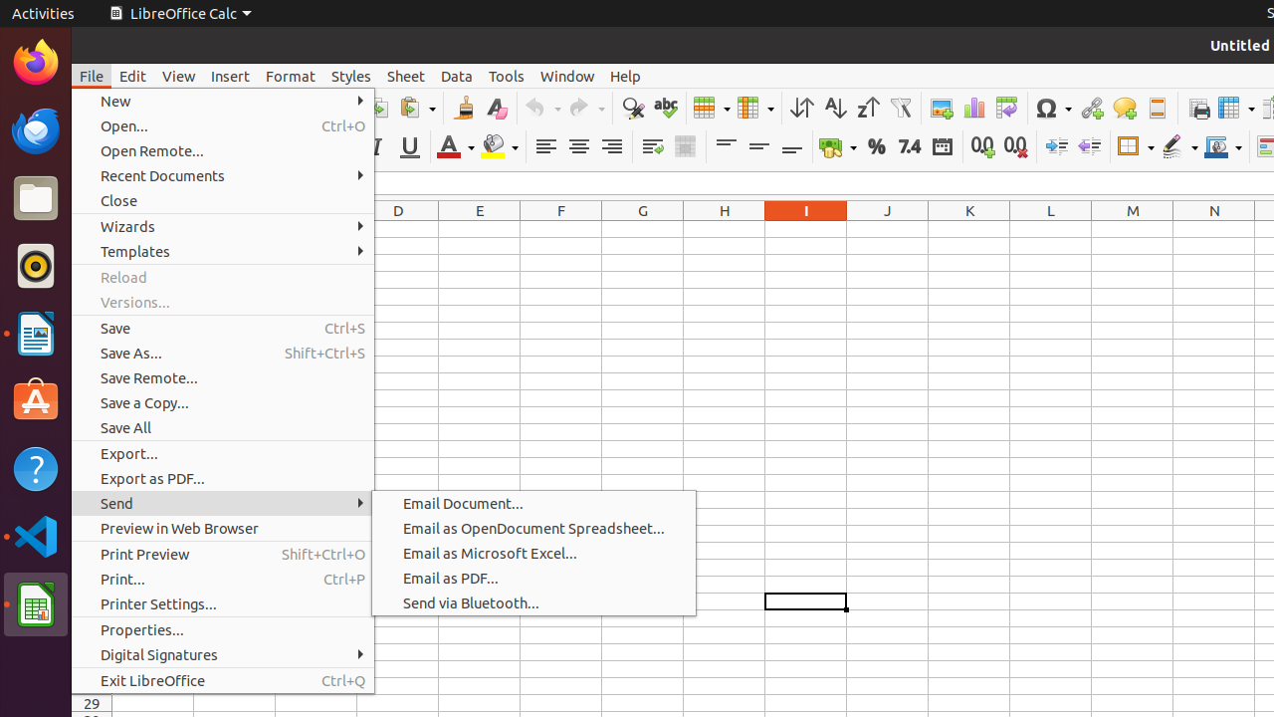 This screenshot has height=717, width=1274. I want to click on 'Save Remote...', so click(223, 377).